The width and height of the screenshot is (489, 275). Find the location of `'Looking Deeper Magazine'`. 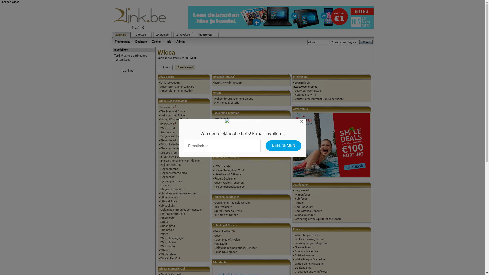

'Looking Deeper Magazine' is located at coordinates (311, 243).